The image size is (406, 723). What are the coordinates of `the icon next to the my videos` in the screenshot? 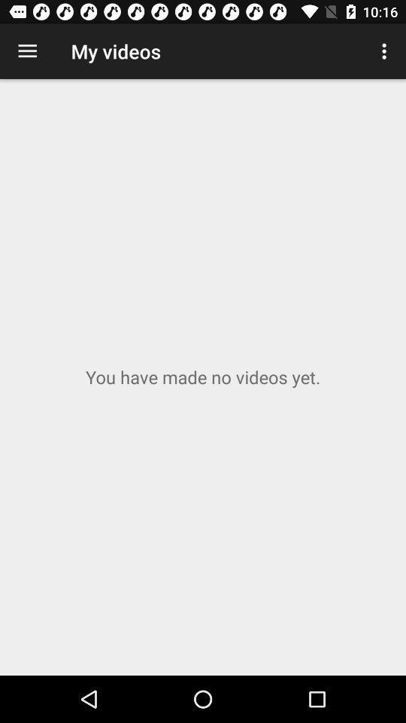 It's located at (386, 51).